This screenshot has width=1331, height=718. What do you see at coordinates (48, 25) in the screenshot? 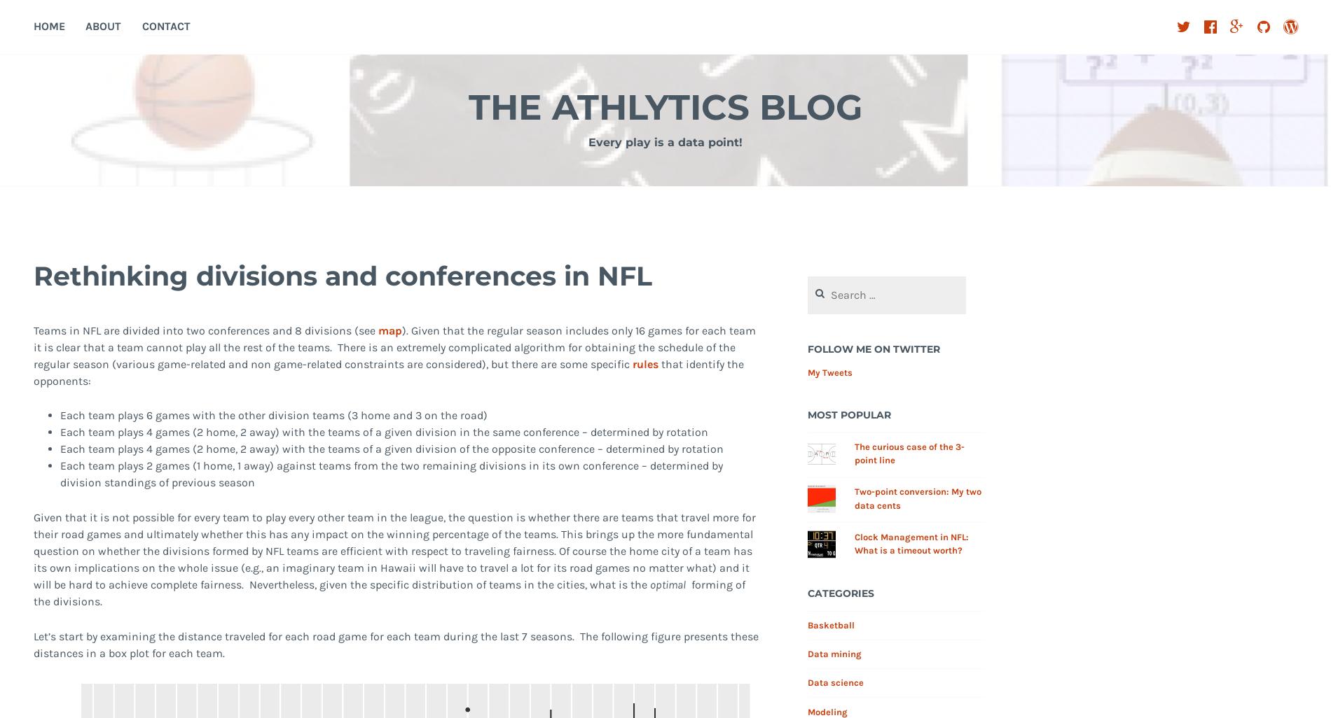
I see `'Home'` at bounding box center [48, 25].